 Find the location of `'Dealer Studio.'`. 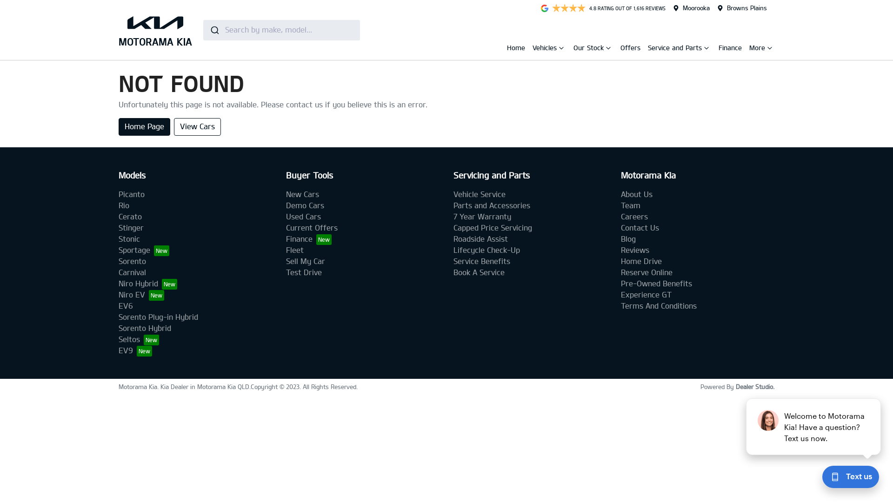

'Dealer Studio.' is located at coordinates (755, 387).